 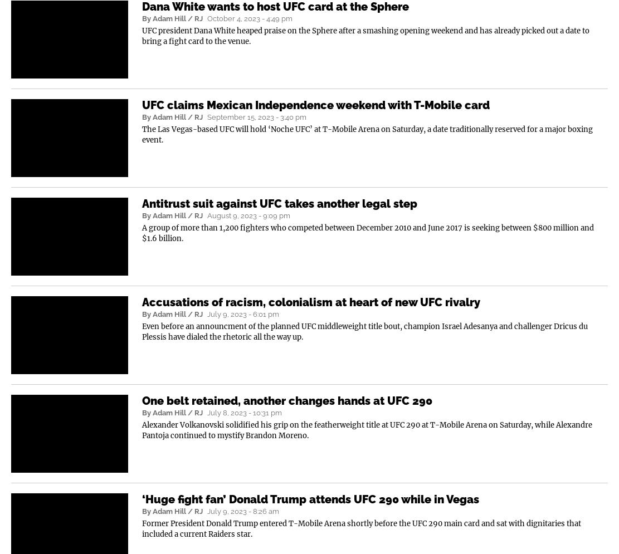 I want to click on 'October 4, 2023 - 4:49 pm', so click(x=249, y=18).